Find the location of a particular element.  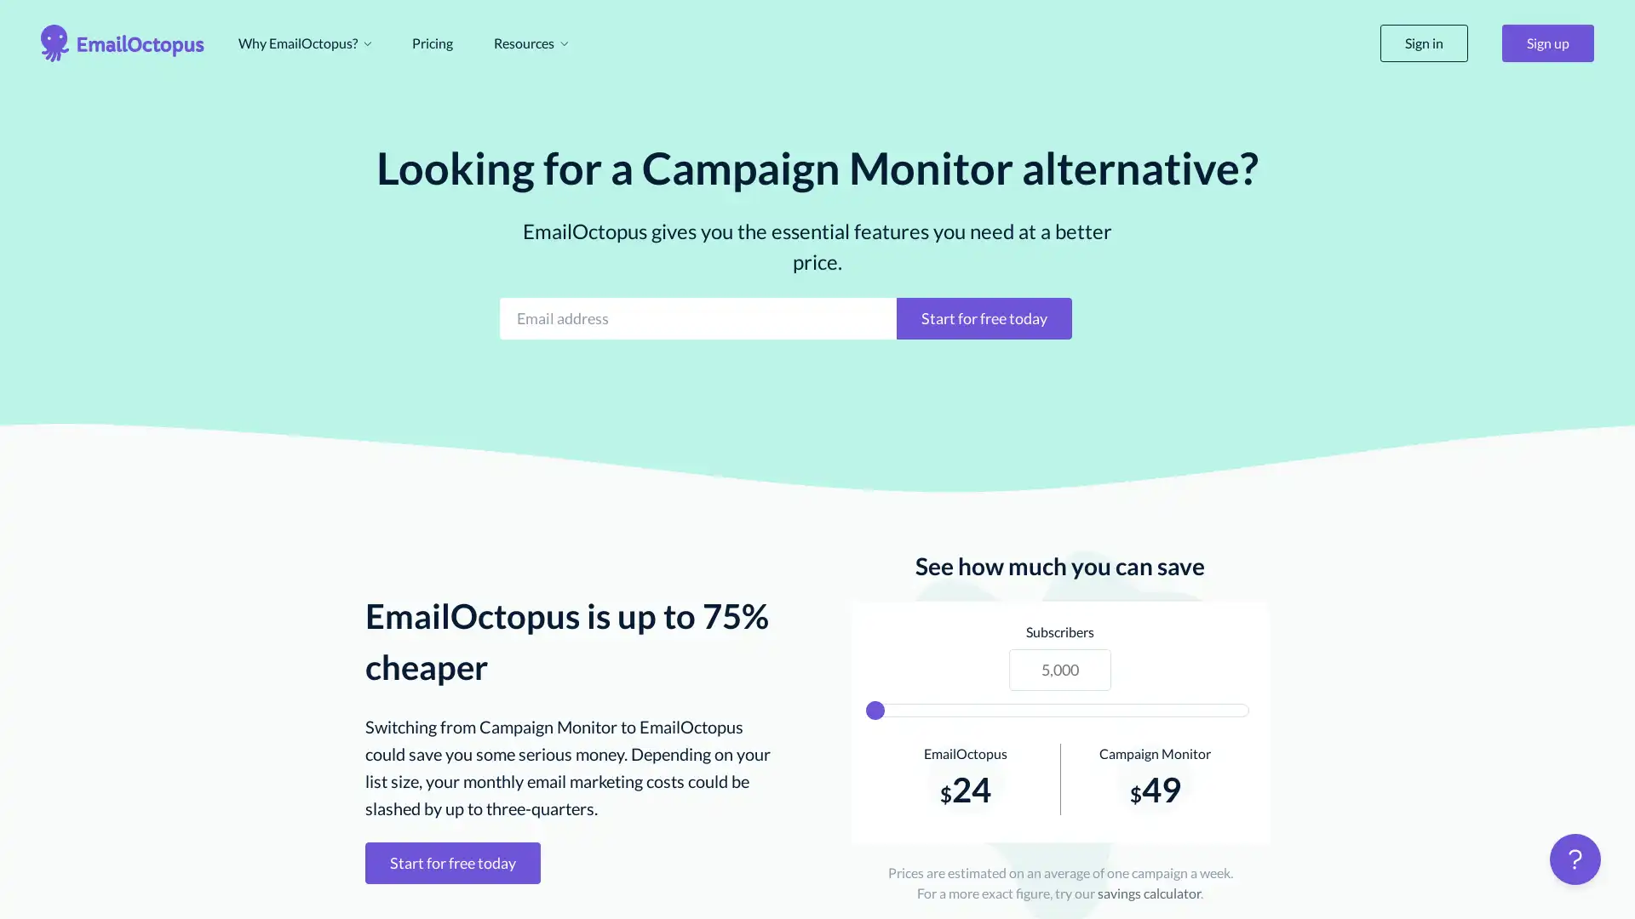

Start for free today is located at coordinates (984, 317).